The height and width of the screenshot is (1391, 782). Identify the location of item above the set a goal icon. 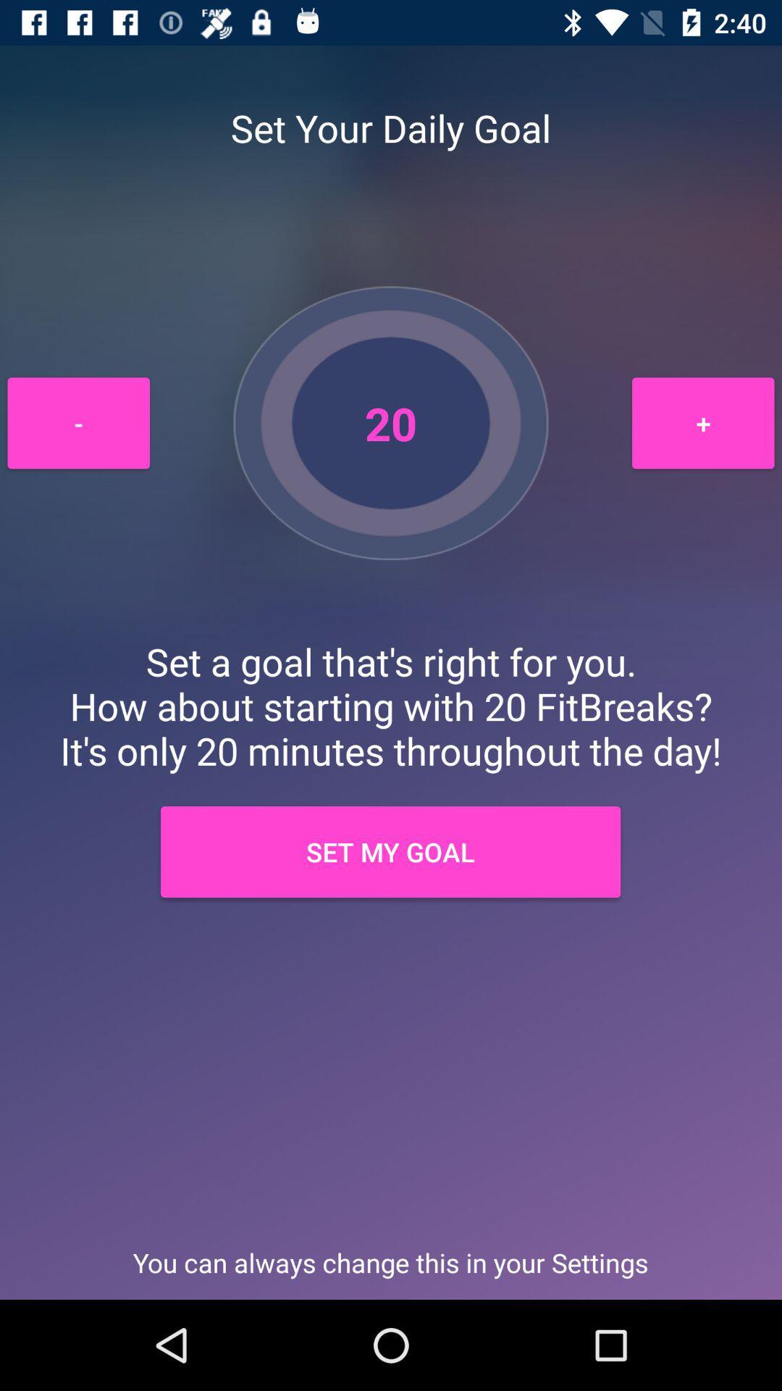
(702, 422).